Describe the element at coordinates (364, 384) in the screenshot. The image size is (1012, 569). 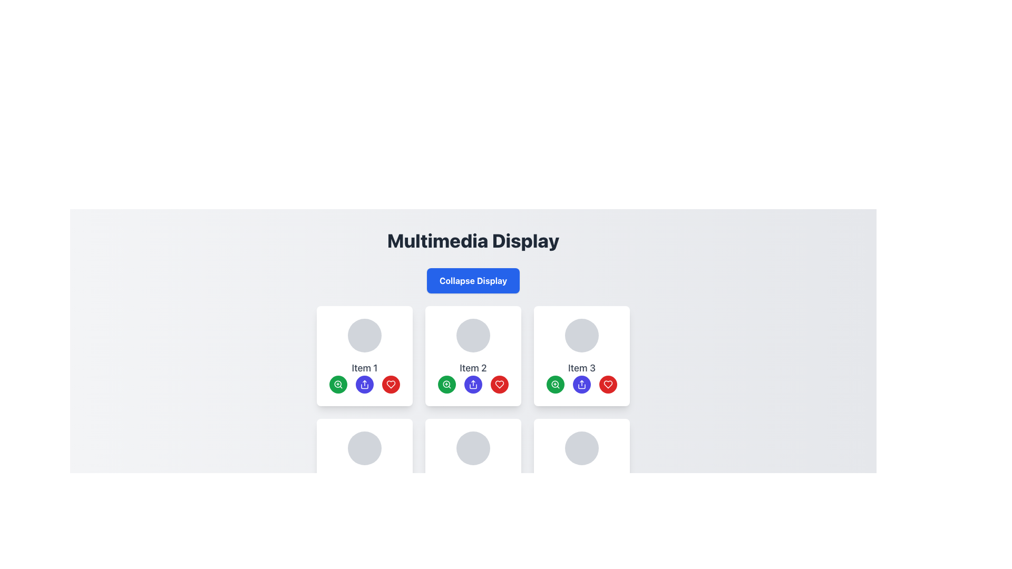
I see `the circular blue button with a white sharing icon located in the control row of the card labeled 'Item 1', which is the second button from the left` at that location.